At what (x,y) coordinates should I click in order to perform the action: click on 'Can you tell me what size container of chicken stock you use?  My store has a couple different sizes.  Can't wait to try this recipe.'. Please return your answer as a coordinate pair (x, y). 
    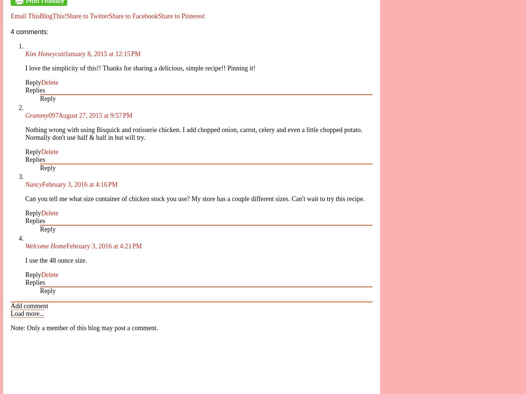
    Looking at the image, I should click on (195, 198).